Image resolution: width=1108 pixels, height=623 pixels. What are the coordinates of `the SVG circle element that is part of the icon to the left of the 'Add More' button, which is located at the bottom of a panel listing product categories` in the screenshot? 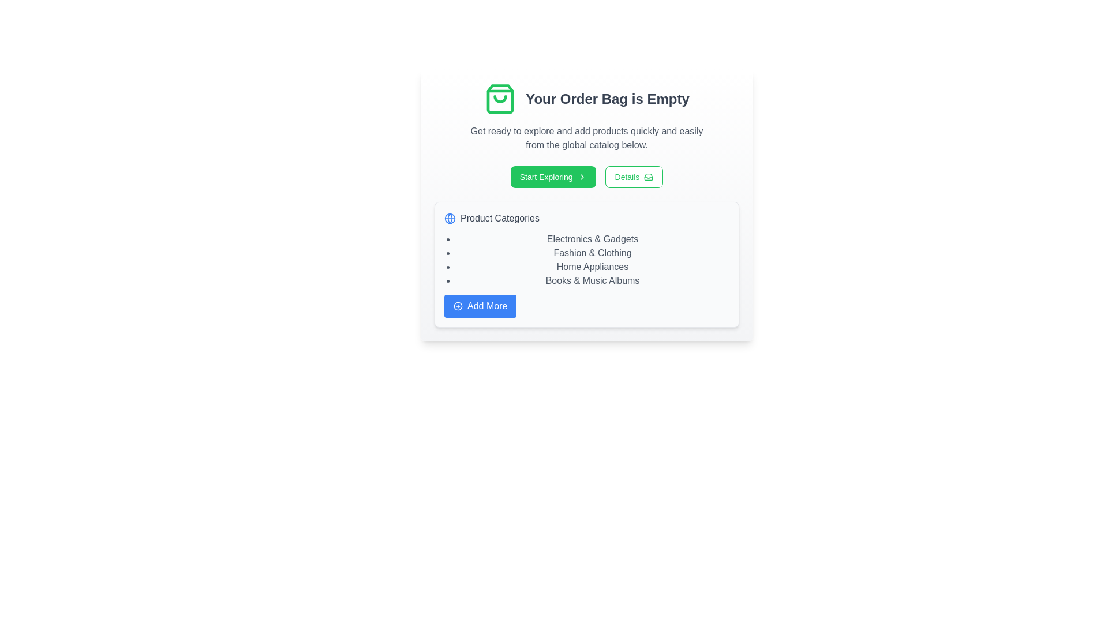 It's located at (457, 306).